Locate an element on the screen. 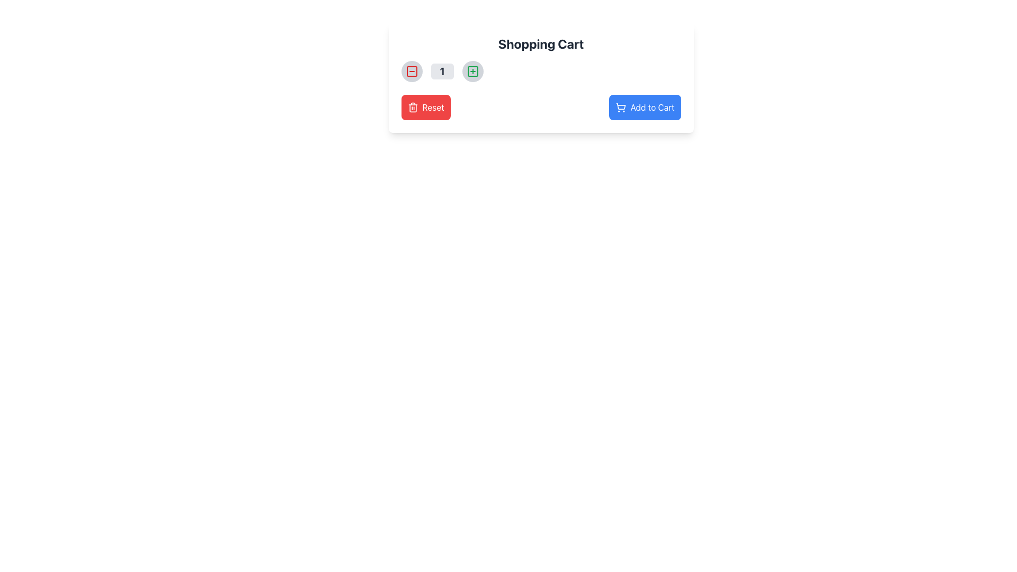  the increment button on the numeric display control for modifying a value, which is located on the right side of the numeric display labeled '1' is located at coordinates (541, 71).